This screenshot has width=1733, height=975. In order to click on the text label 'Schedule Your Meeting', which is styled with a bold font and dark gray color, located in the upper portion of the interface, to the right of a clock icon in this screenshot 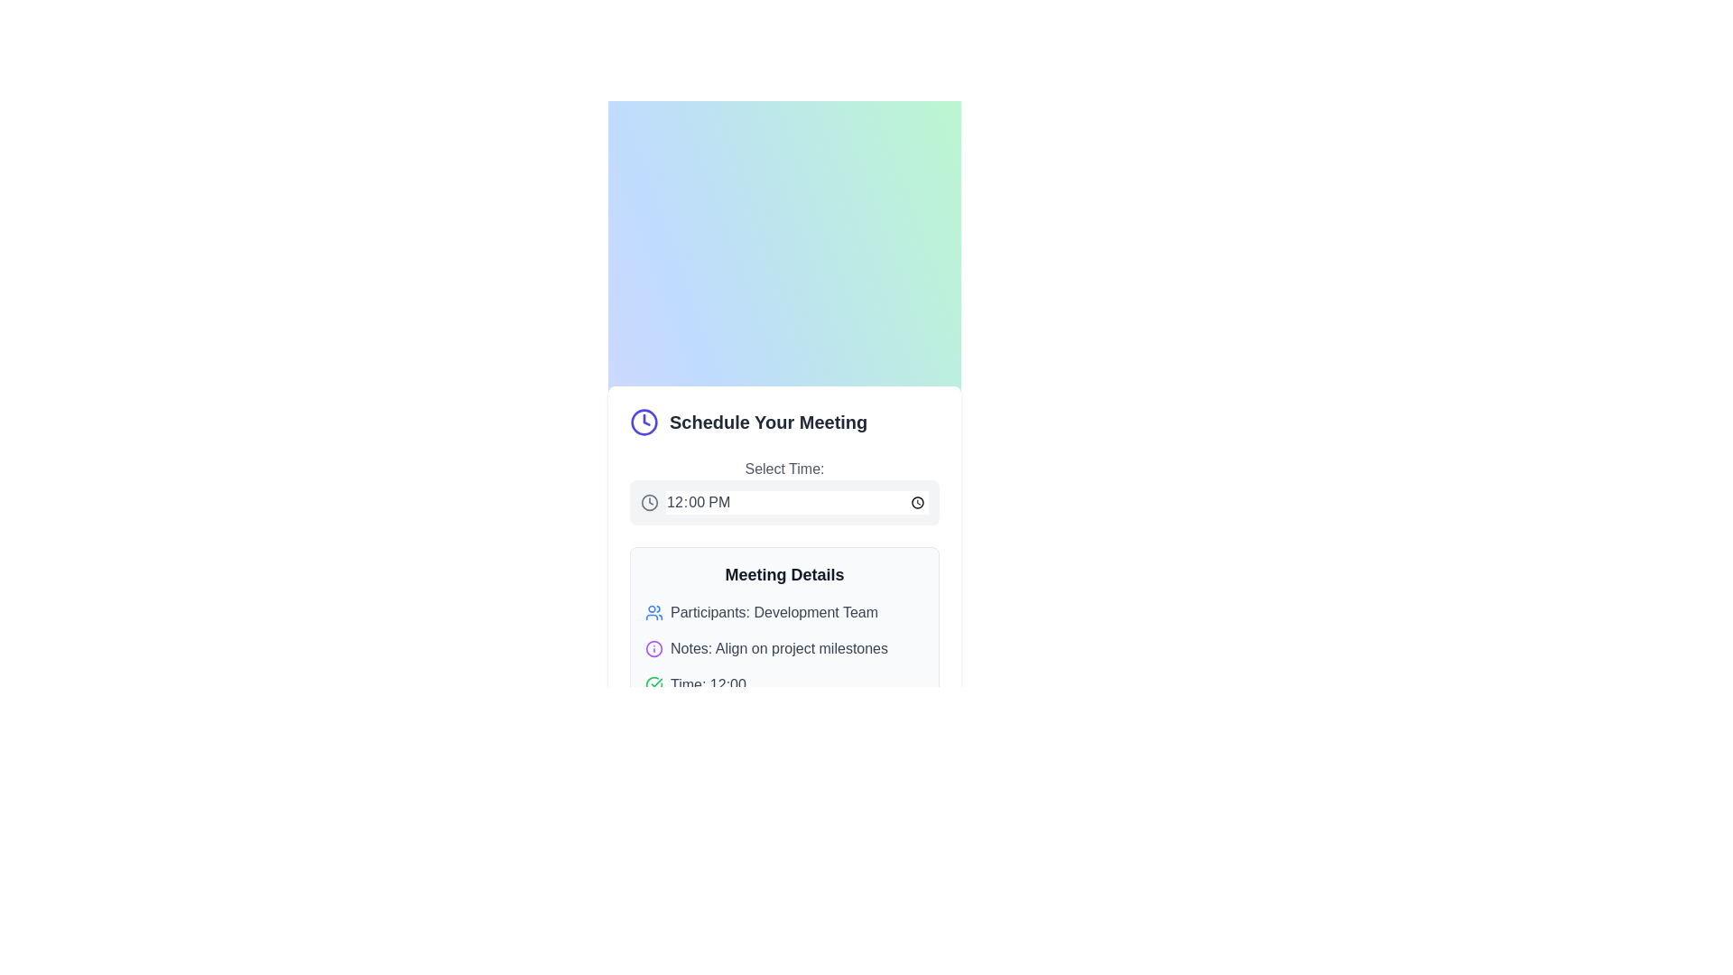, I will do `click(768, 422)`.